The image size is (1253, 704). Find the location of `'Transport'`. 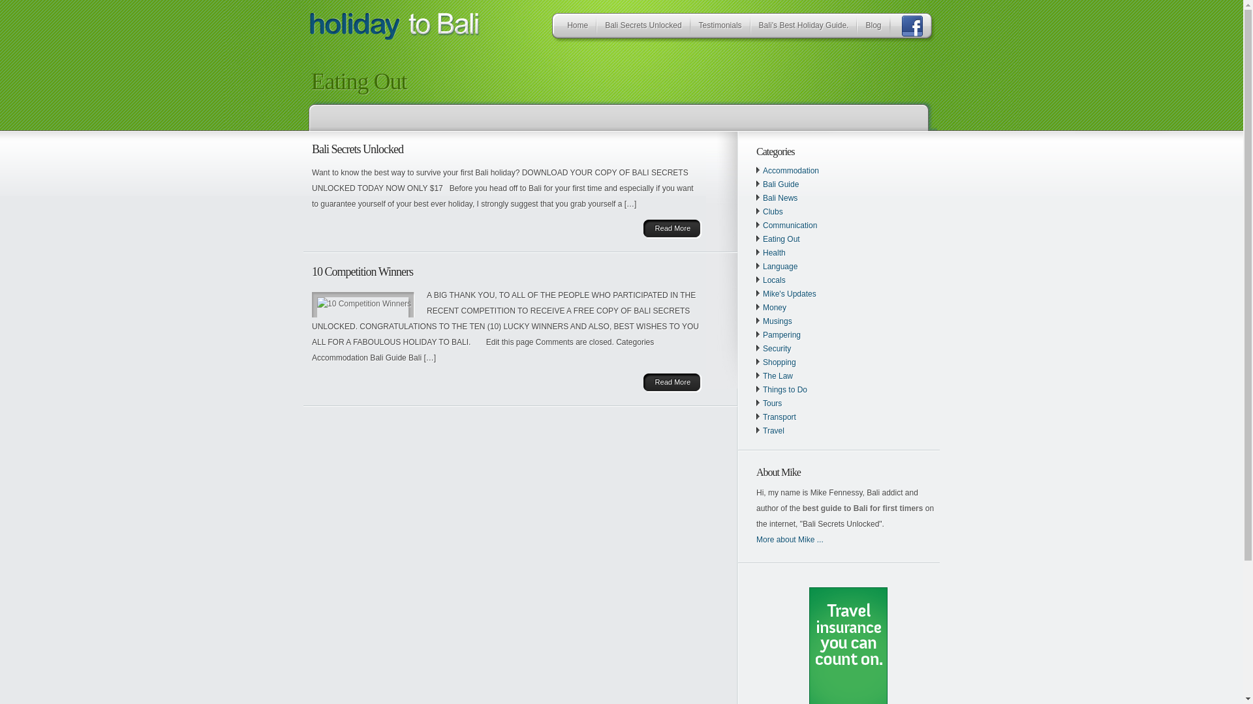

'Transport' is located at coordinates (779, 417).